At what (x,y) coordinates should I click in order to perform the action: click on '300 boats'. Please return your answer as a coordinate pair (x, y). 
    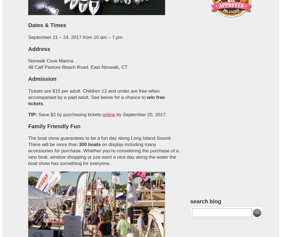
    Looking at the image, I should click on (89, 144).